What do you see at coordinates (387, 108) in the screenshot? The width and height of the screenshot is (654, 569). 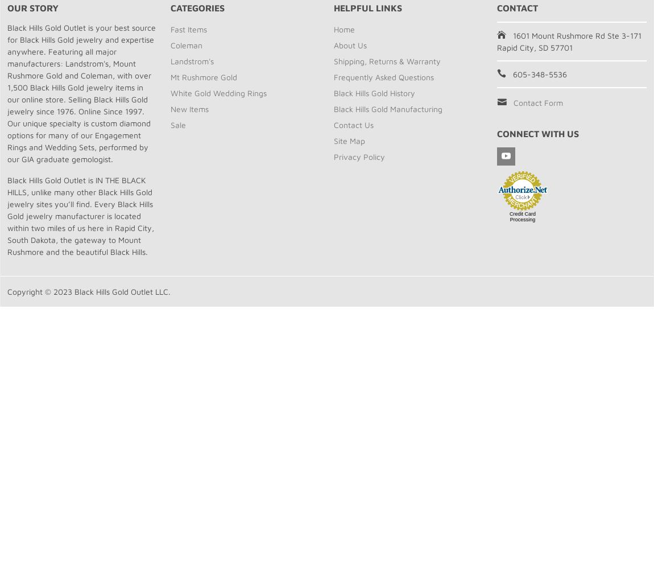 I see `'Black Hills Gold Manufacturing'` at bounding box center [387, 108].